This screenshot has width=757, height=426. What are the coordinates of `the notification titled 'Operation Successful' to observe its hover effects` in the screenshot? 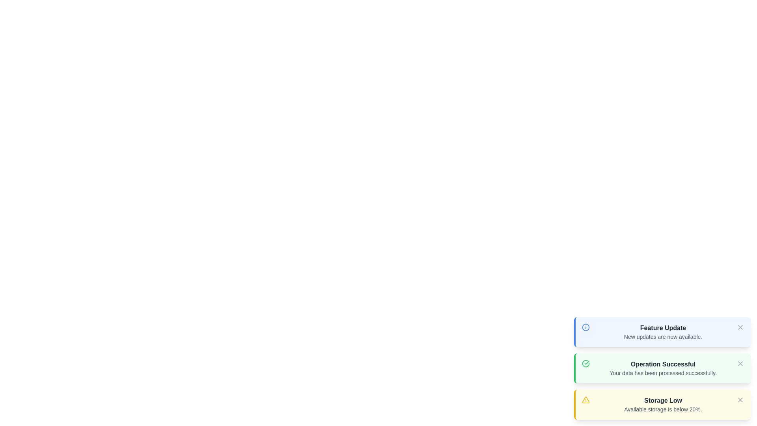 It's located at (662, 368).